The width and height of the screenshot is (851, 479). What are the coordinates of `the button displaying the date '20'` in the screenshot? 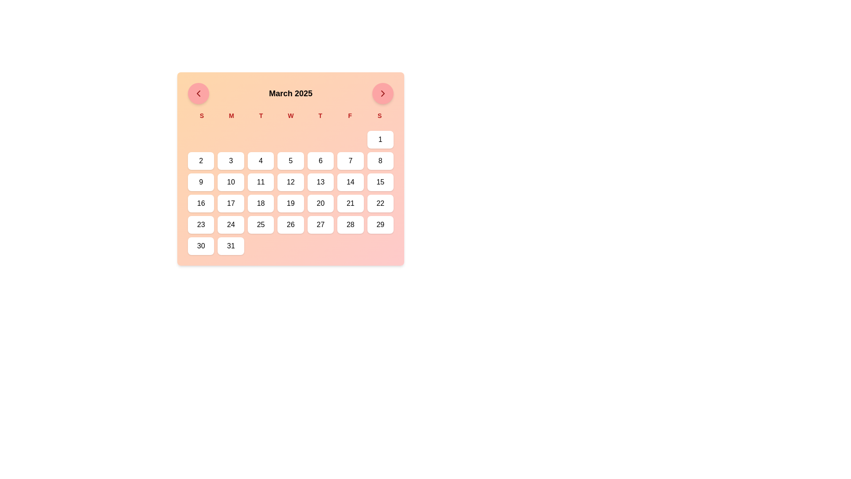 It's located at (320, 204).